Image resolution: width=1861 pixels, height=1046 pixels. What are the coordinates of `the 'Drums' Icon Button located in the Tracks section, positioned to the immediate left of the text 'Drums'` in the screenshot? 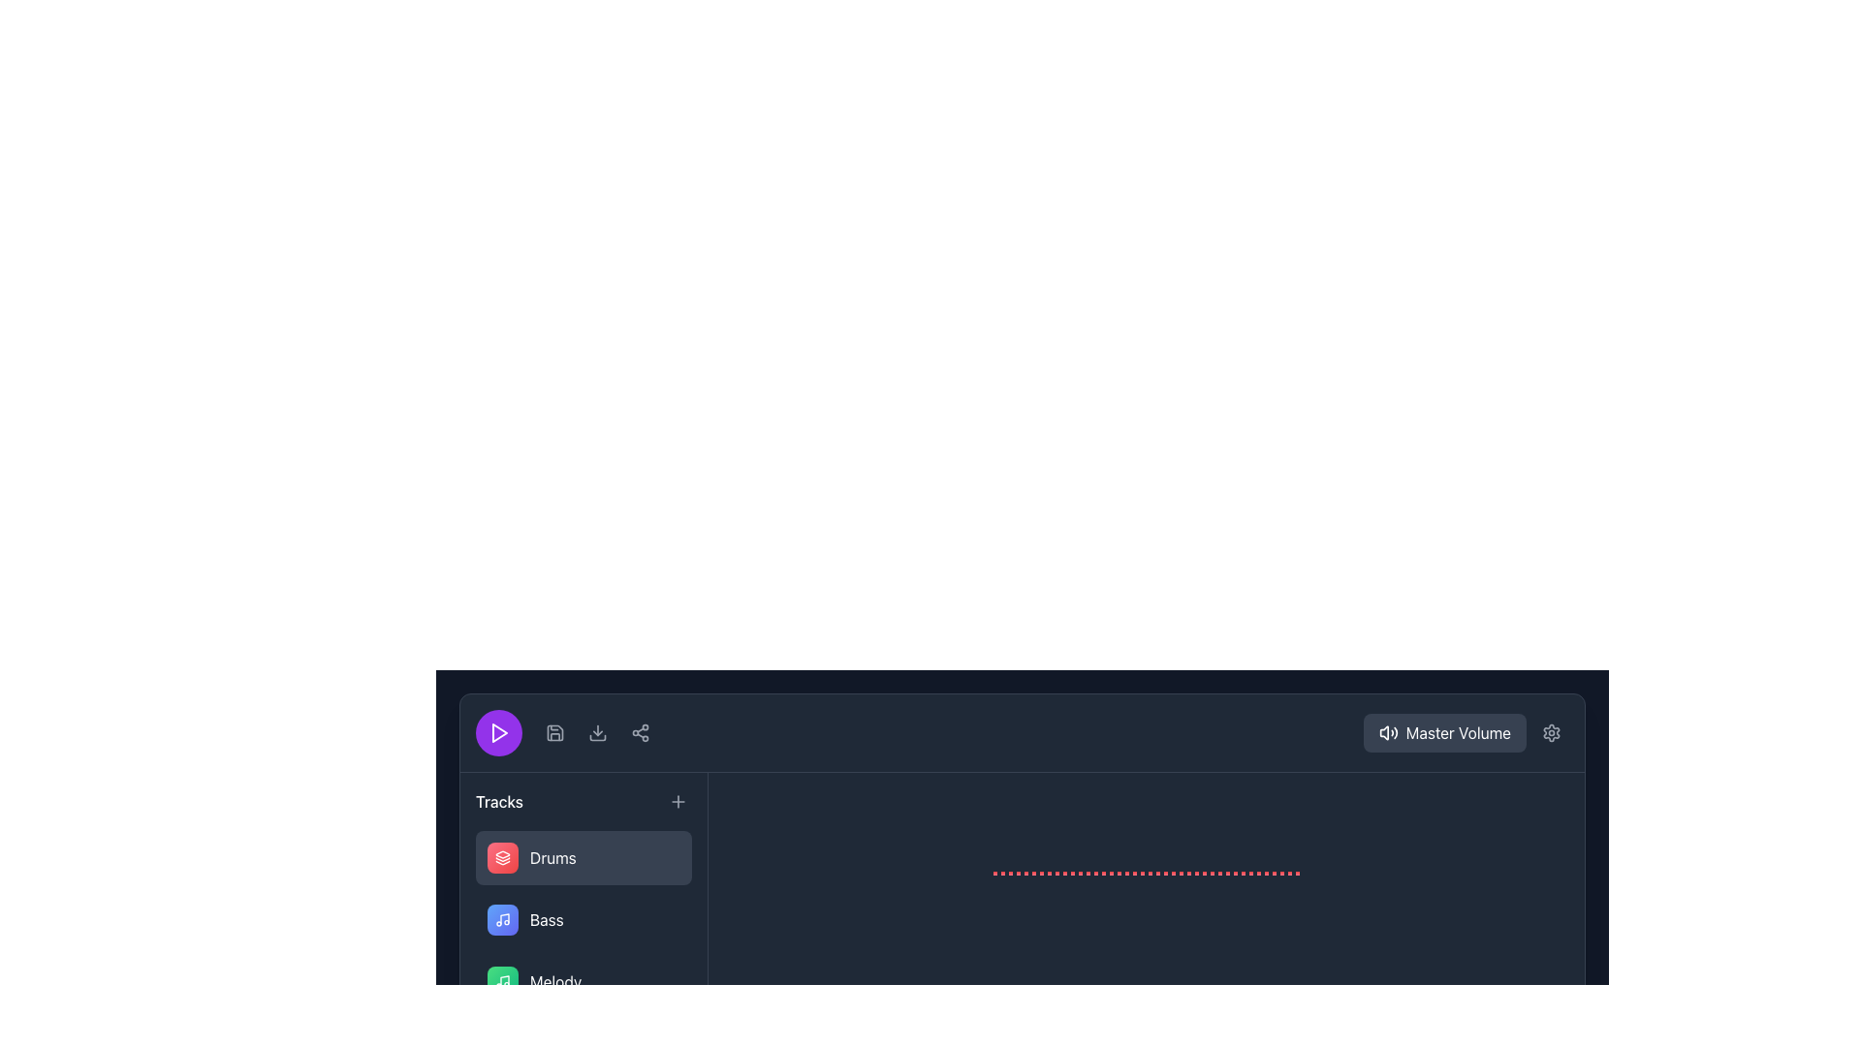 It's located at (502, 857).